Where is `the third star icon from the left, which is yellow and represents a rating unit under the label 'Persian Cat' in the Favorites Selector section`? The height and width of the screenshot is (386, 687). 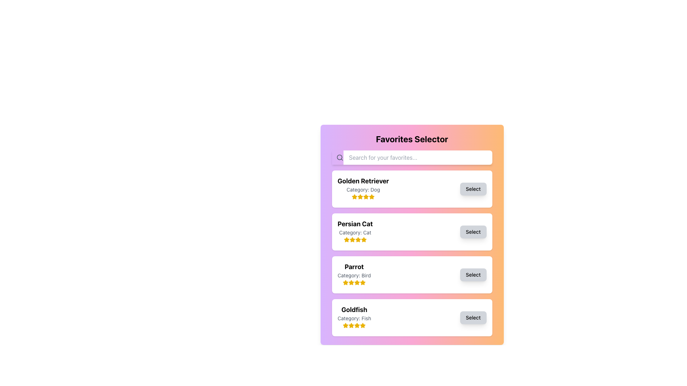 the third star icon from the left, which is yellow and represents a rating unit under the label 'Persian Cat' in the Favorites Selector section is located at coordinates (352, 240).